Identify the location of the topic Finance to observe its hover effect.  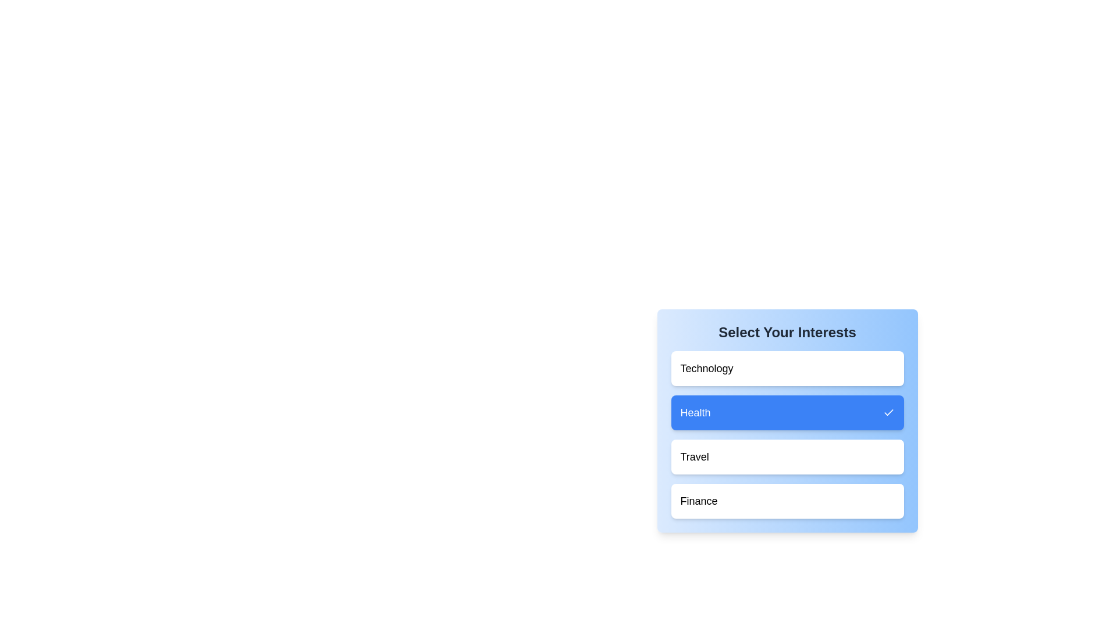
(787, 500).